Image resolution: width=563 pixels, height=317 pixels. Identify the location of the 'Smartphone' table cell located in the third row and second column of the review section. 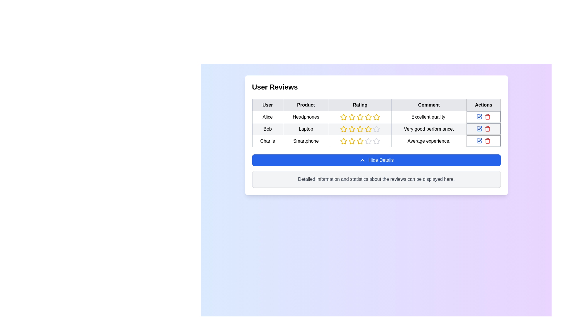
(306, 141).